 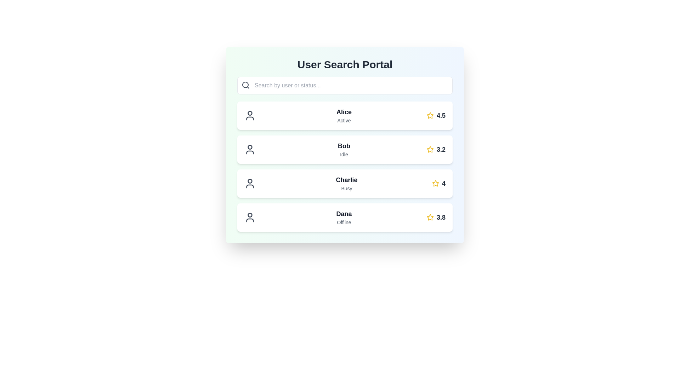 What do you see at coordinates (347, 188) in the screenshot?
I see `the status indicator text label for user 'Charlie', which displays 'Busy' beneath the name 'Charlie' in the user list` at bounding box center [347, 188].